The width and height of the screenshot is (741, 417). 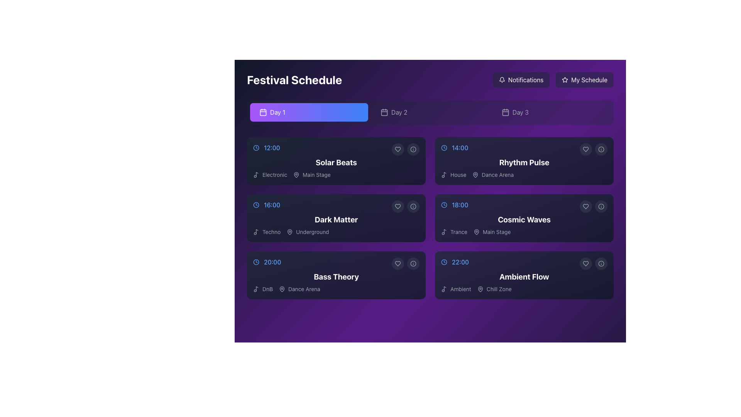 I want to click on the Icon representing the music genre 'House', located to the left of the text label 'House' in the 'Rhythm Pulse' event block, so click(x=444, y=175).